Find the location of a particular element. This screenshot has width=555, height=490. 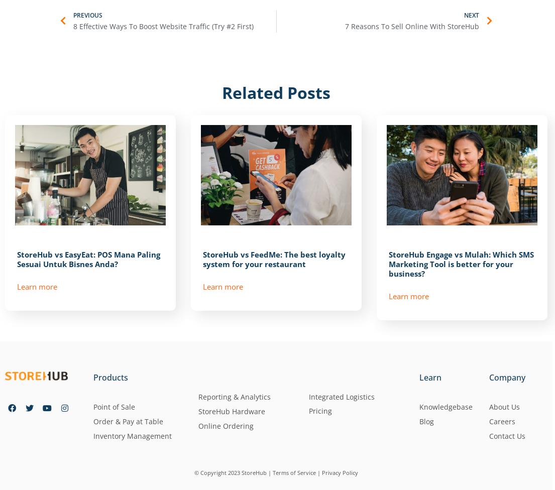

'Related Posts' is located at coordinates (221, 91).